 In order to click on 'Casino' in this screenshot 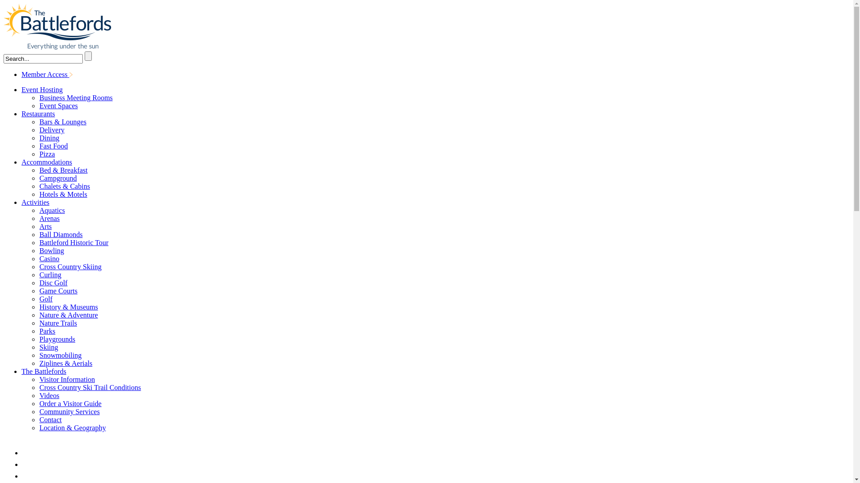, I will do `click(49, 258)`.